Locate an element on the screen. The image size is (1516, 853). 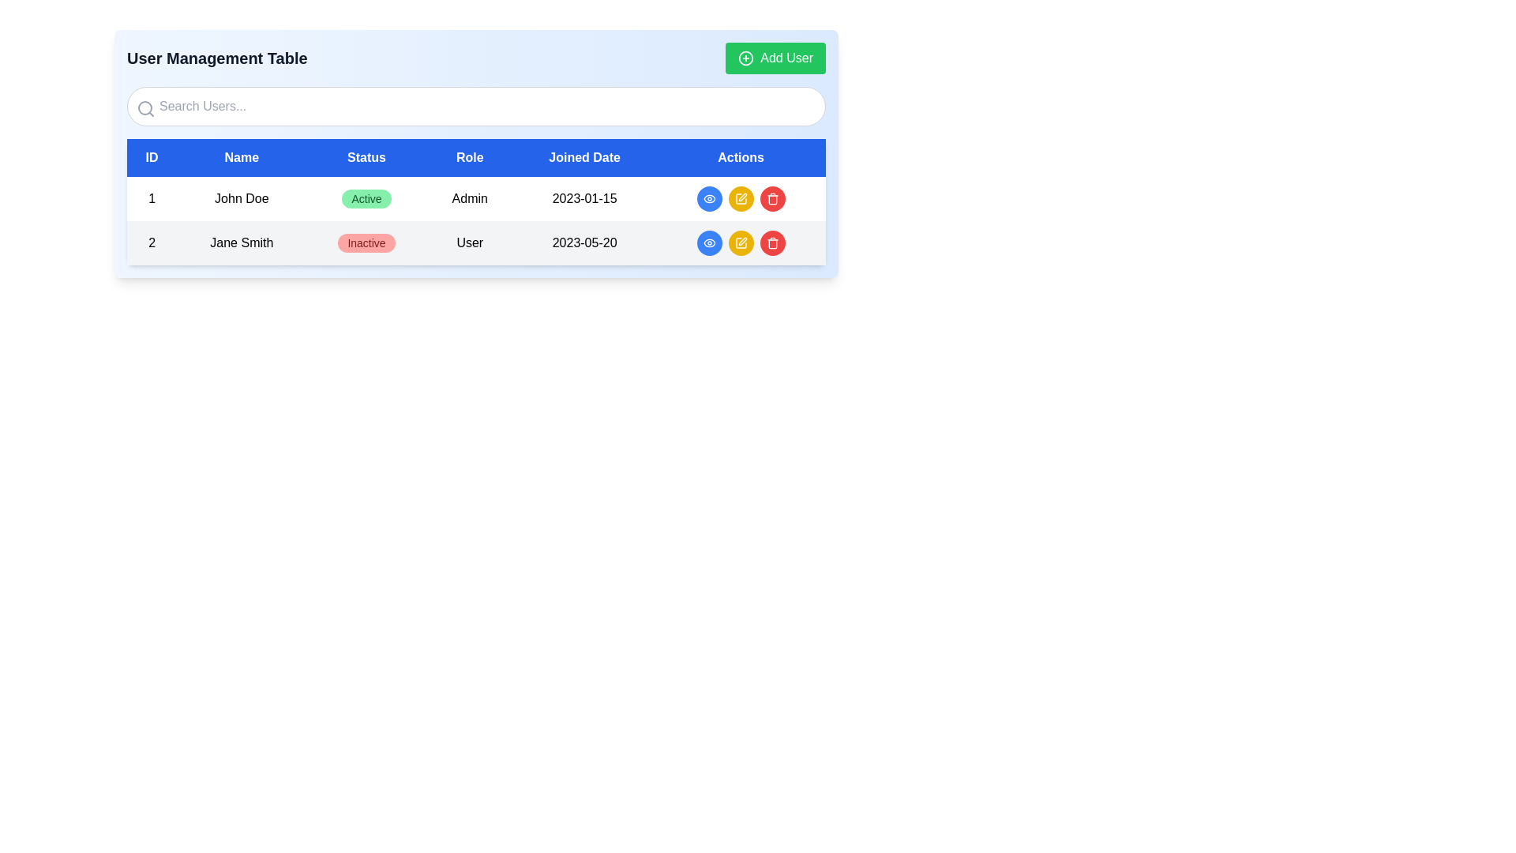
the text label indicating the role assigned is located at coordinates (469, 243).